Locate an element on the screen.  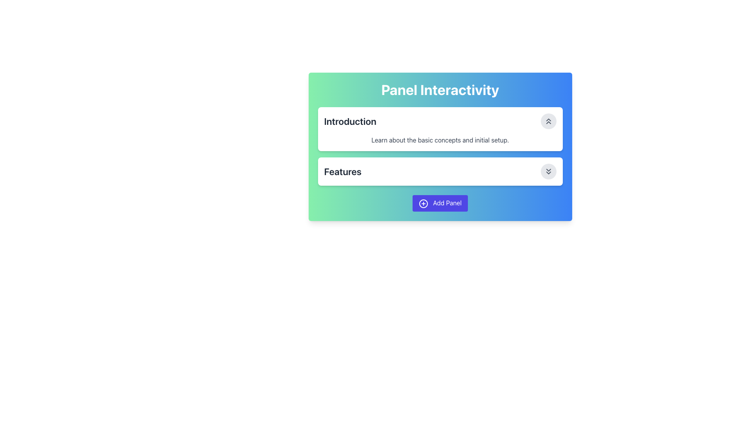
the small circular button with a light gray background and a downward double-chevron icon, located to the right of the 'Features' label is located at coordinates (548, 171).